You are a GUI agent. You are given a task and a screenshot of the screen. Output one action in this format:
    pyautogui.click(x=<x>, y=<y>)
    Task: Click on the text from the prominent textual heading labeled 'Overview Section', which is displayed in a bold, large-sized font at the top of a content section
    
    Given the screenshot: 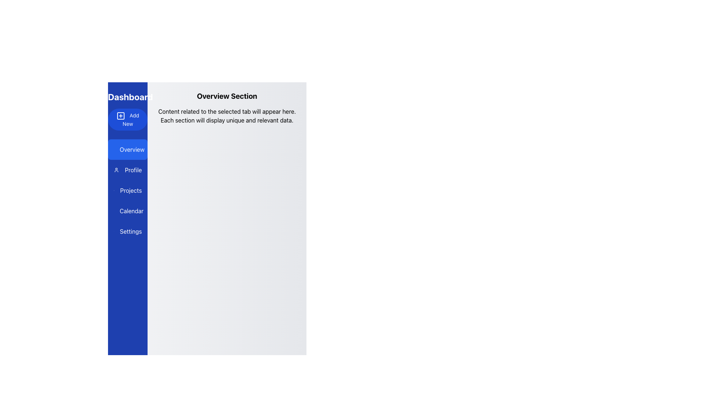 What is the action you would take?
    pyautogui.click(x=227, y=95)
    